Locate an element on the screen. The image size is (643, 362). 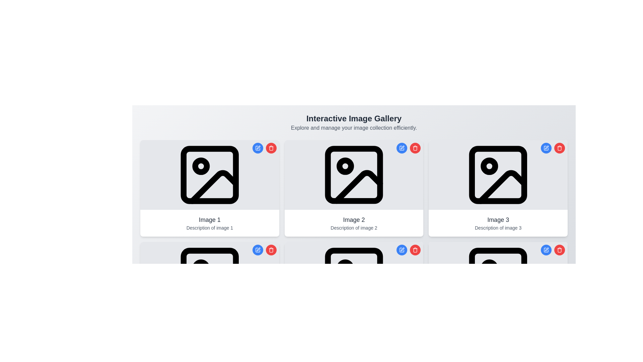
image placeholder located in the second card labeled 'Image 2' within the interactive gallery is located at coordinates (353, 174).